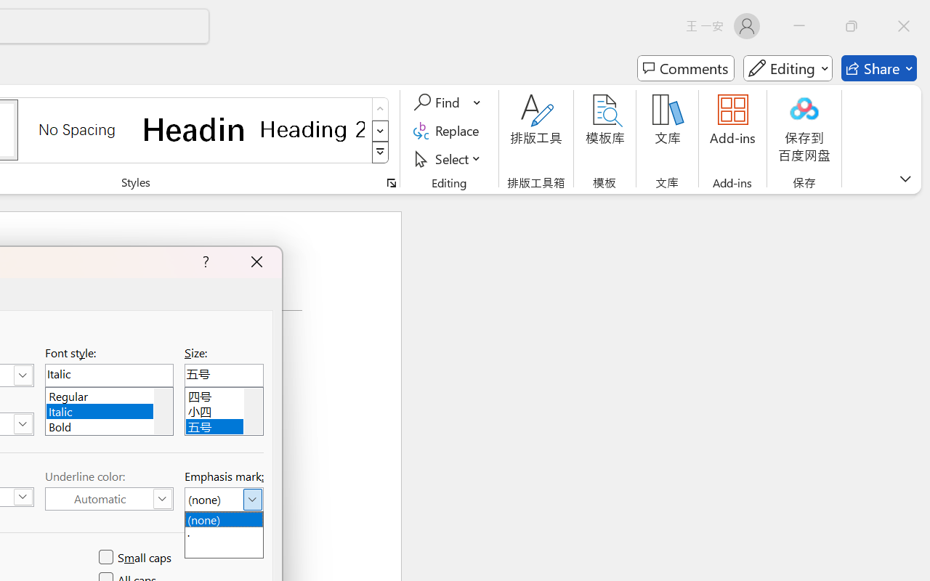 This screenshot has width=930, height=581. What do you see at coordinates (137, 557) in the screenshot?
I see `'Small caps'` at bounding box center [137, 557].